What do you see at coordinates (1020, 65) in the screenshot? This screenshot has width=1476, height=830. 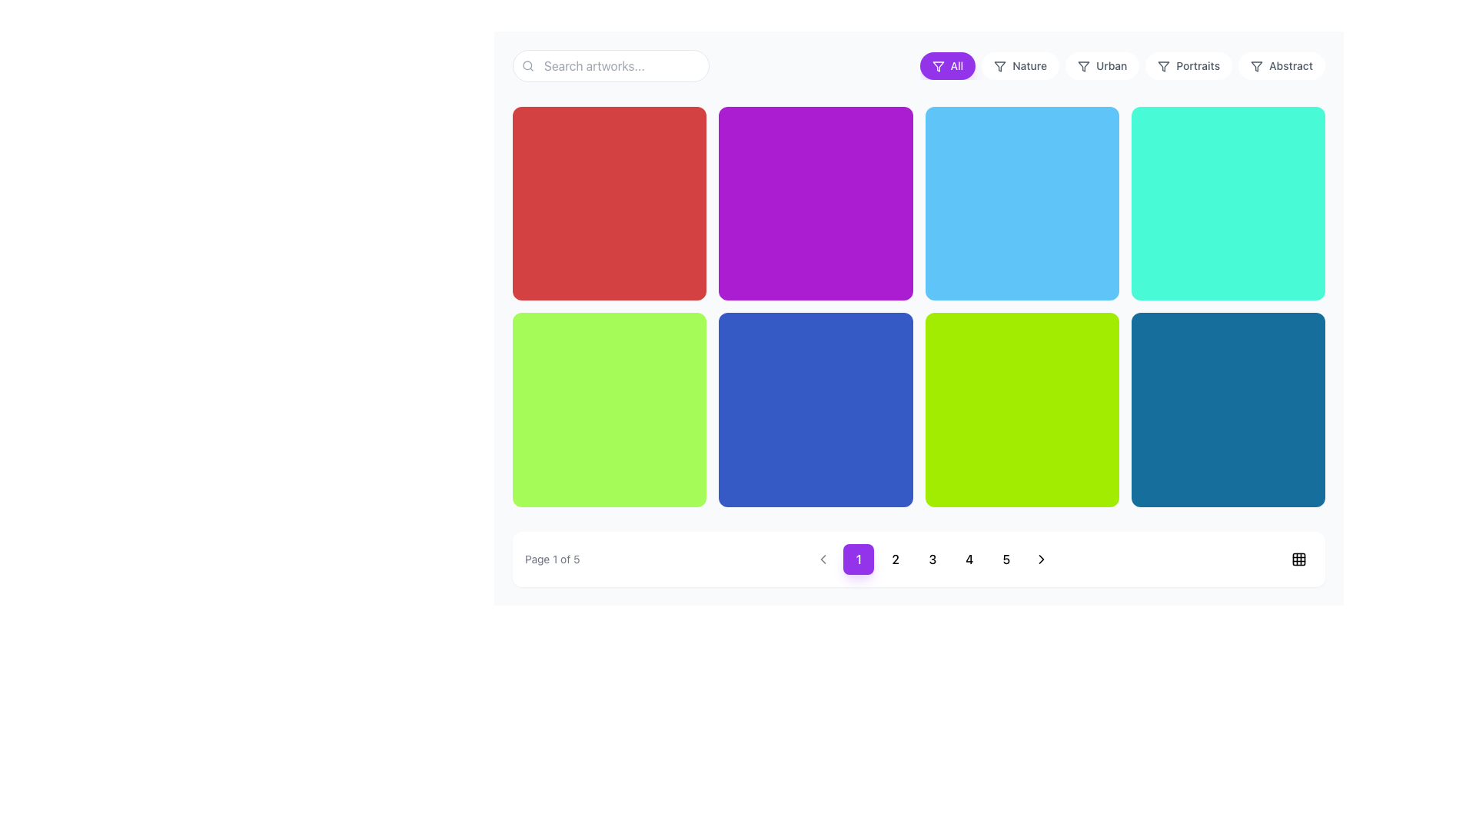 I see `the 'Nature' category filter button, which is the second button in a horizontal list between 'All' and 'Urban'` at bounding box center [1020, 65].